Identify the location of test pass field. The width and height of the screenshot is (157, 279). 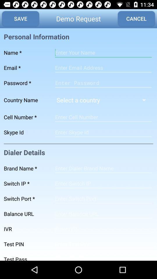
(103, 256).